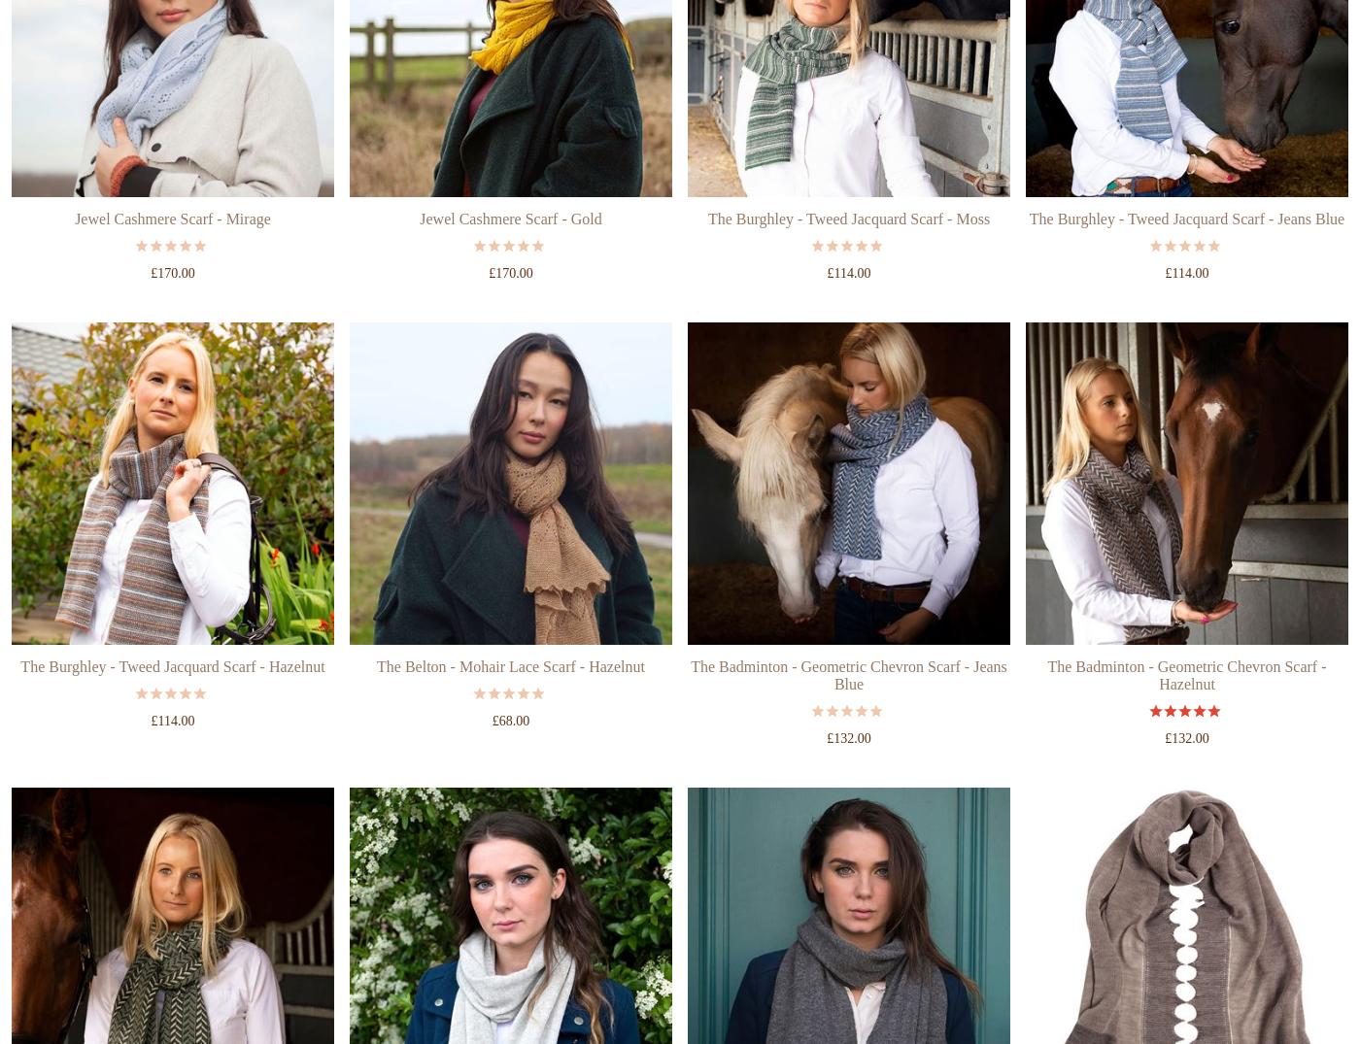 The width and height of the screenshot is (1360, 1044). Describe the element at coordinates (1186, 748) in the screenshot. I see `'The Badminton - Geometric Chevron Scarf - Hazelnut'` at that location.